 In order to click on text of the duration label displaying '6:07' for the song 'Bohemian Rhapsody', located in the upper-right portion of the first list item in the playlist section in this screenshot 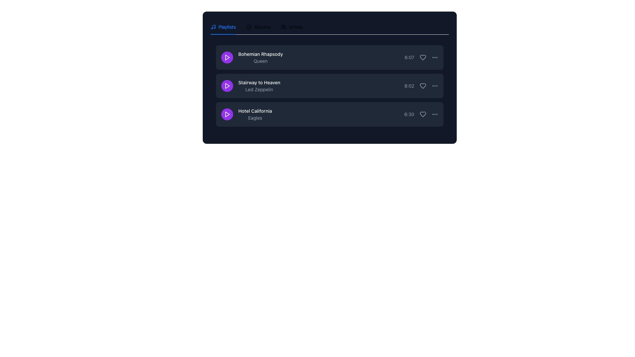, I will do `click(409, 57)`.